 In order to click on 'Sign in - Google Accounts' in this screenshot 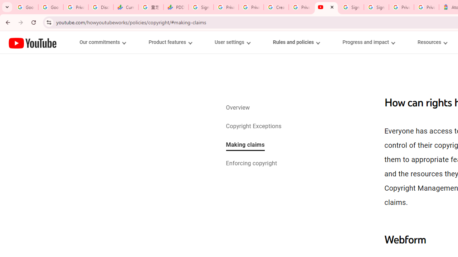, I will do `click(351, 7)`.